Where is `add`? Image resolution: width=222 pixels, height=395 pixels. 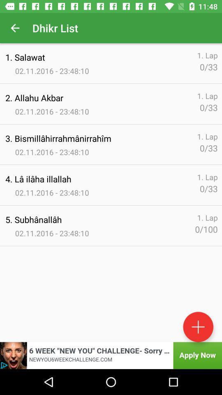 add is located at coordinates (198, 327).